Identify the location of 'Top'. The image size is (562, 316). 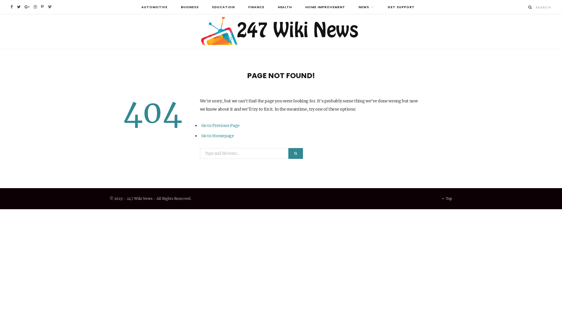
(441, 198).